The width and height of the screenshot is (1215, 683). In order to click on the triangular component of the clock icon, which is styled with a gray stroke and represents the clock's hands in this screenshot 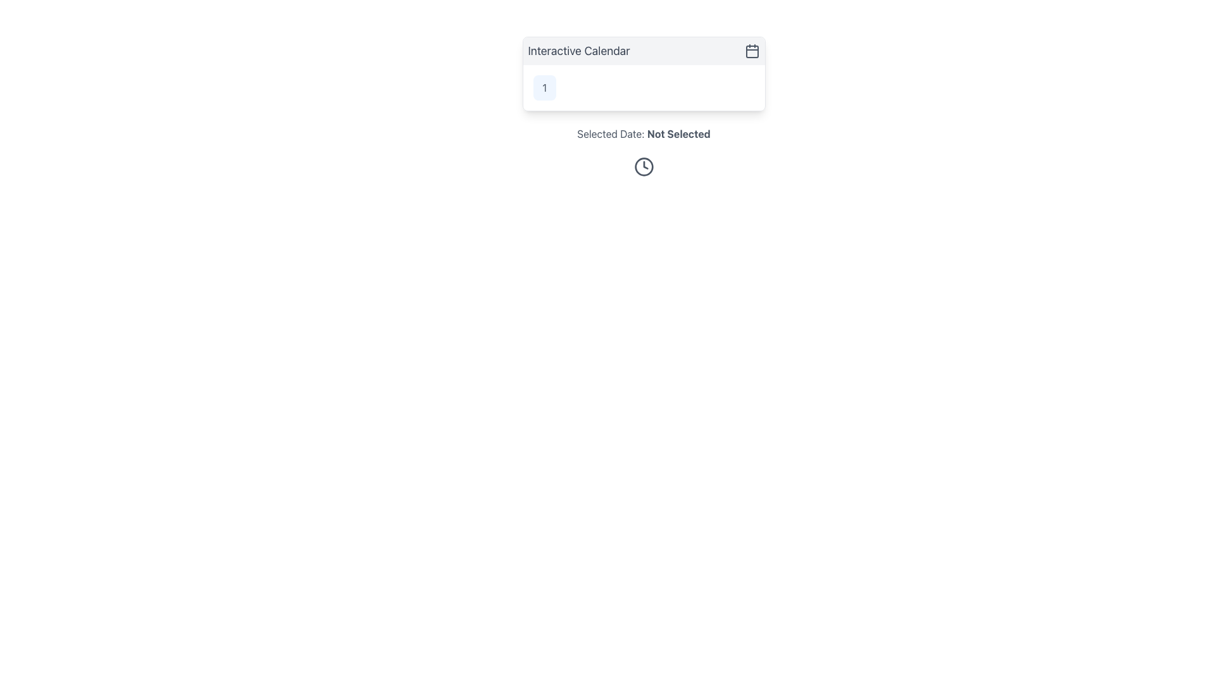, I will do `click(645, 164)`.